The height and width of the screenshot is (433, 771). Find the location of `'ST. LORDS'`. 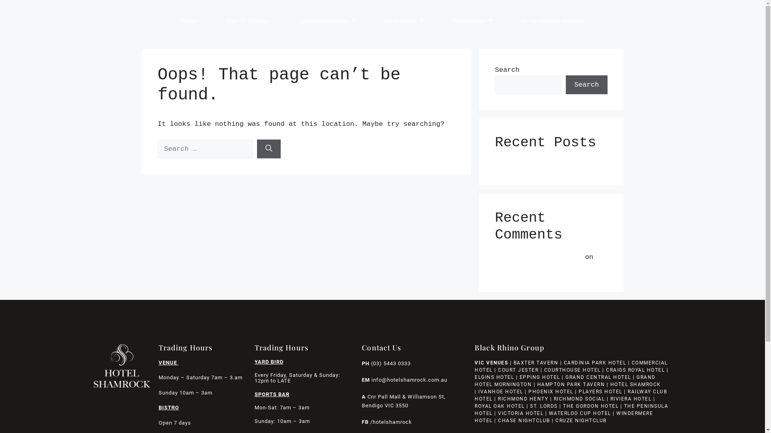

'ST. LORDS' is located at coordinates (544, 406).